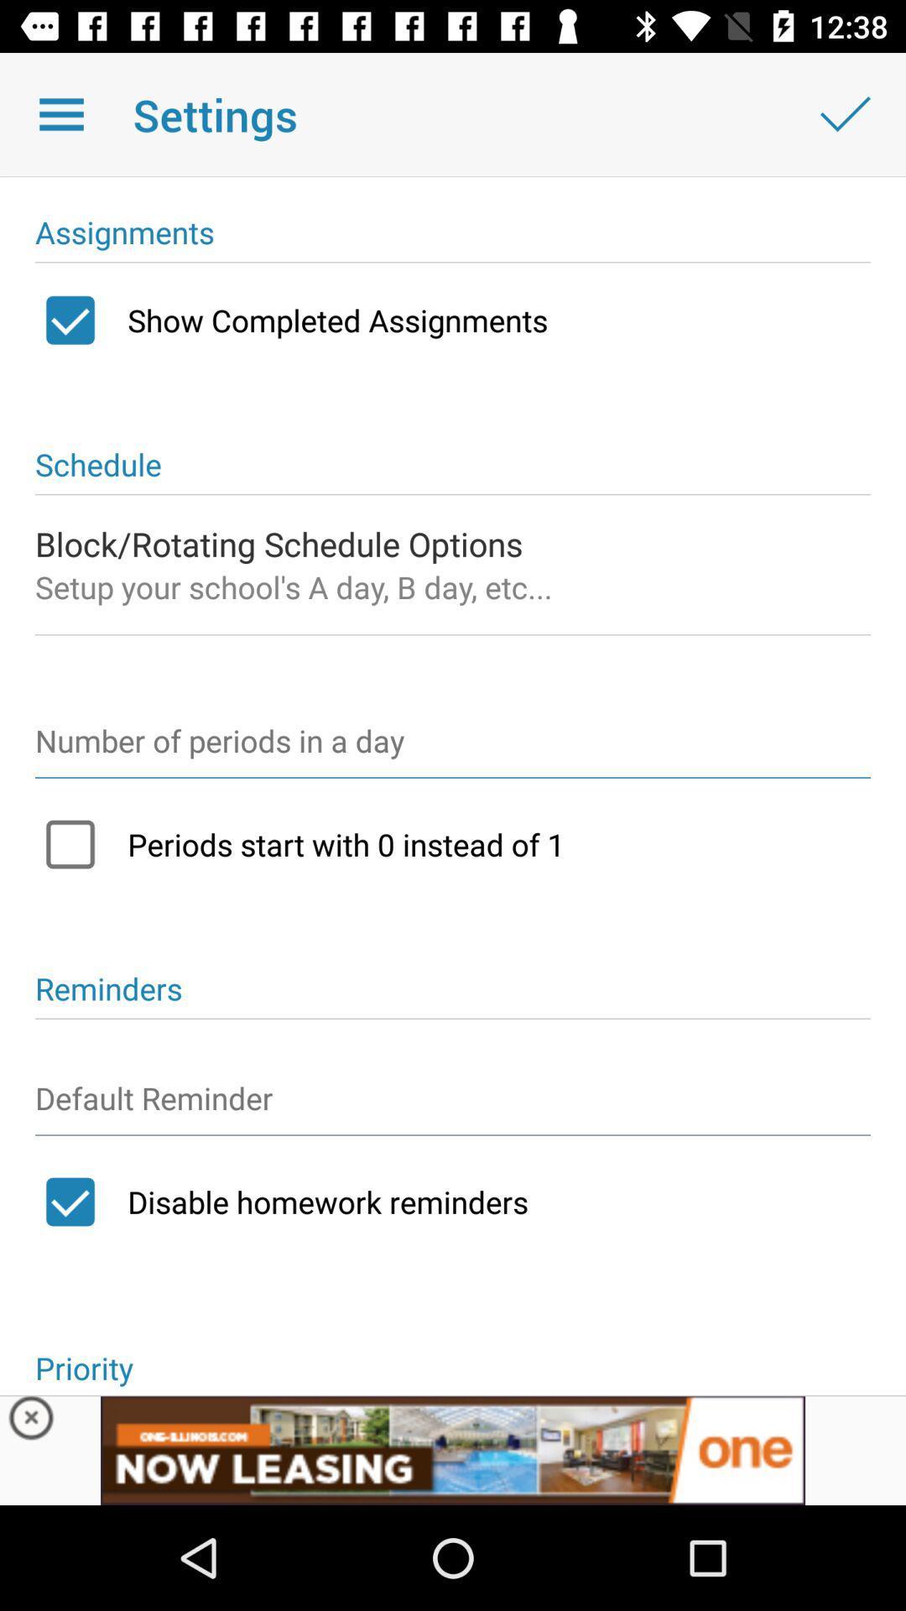 The image size is (906, 1611). What do you see at coordinates (31, 1421) in the screenshot?
I see `advertisement` at bounding box center [31, 1421].